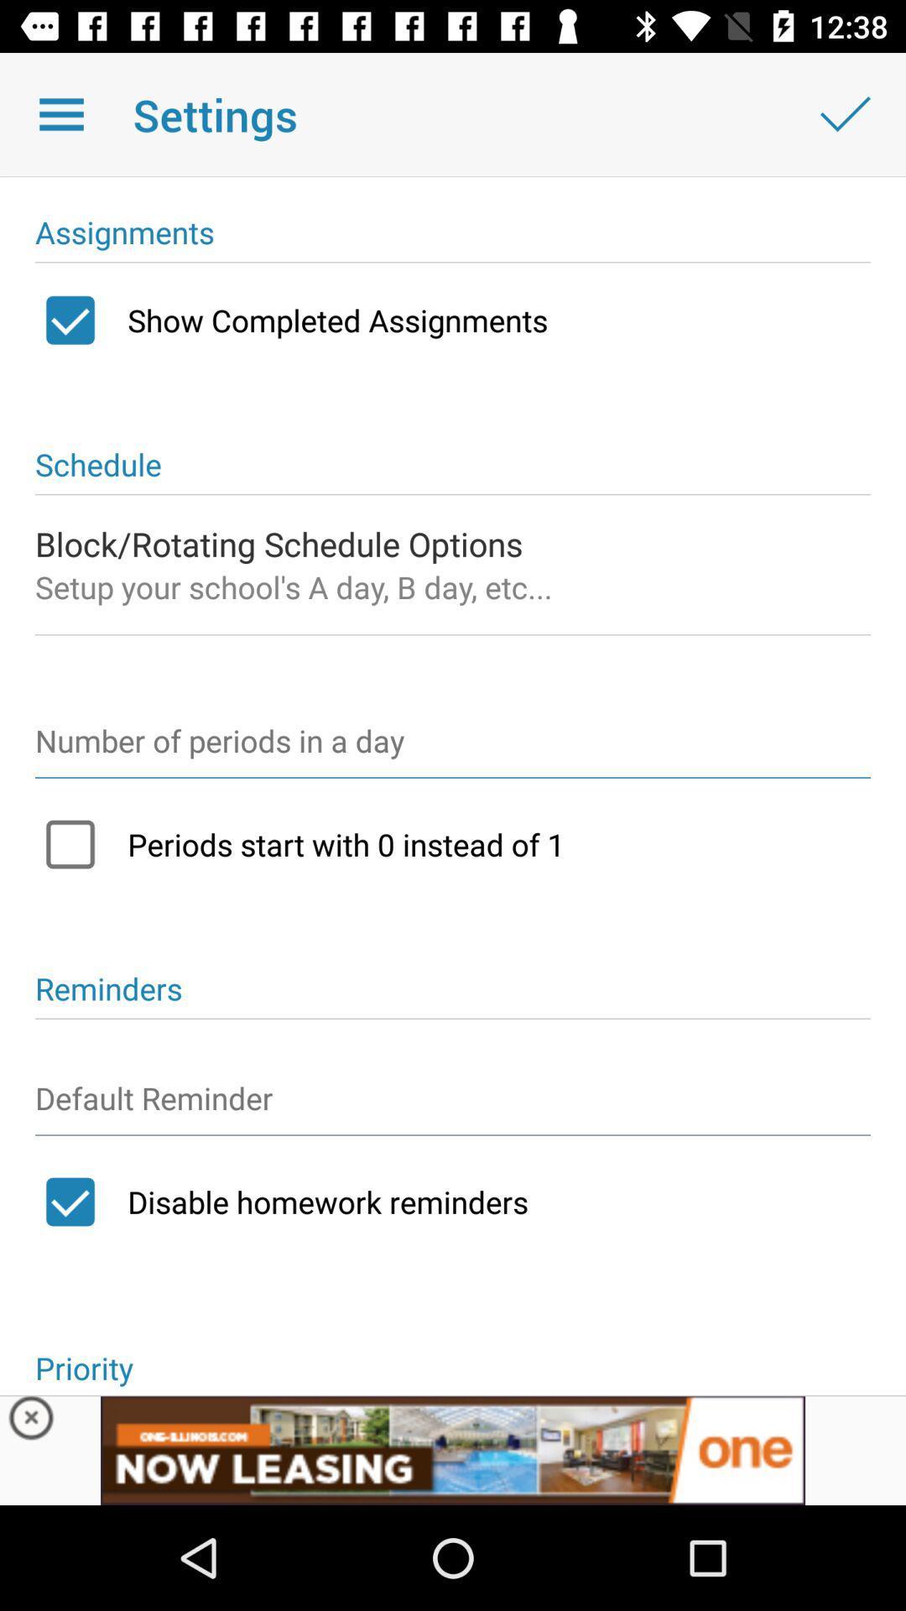 The image size is (906, 1611). What do you see at coordinates (31, 1421) in the screenshot?
I see `advertisement` at bounding box center [31, 1421].